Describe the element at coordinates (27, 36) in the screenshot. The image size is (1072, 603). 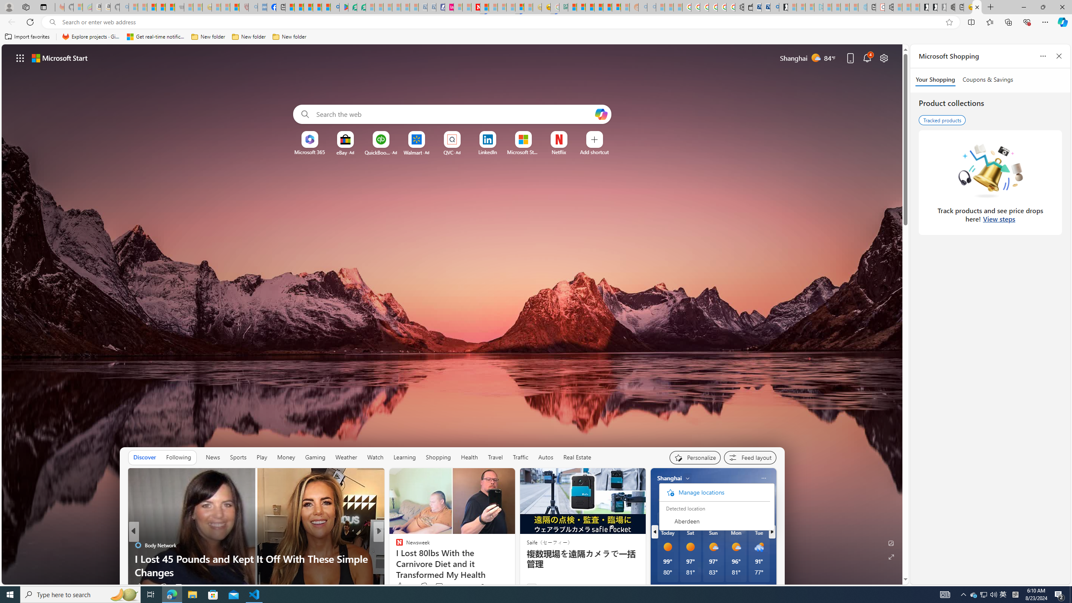
I see `'Import favorites'` at that location.